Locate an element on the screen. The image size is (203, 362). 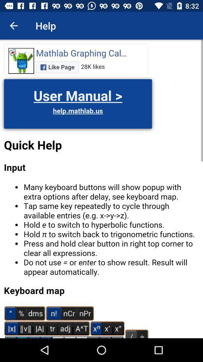
help body is located at coordinates (101, 189).